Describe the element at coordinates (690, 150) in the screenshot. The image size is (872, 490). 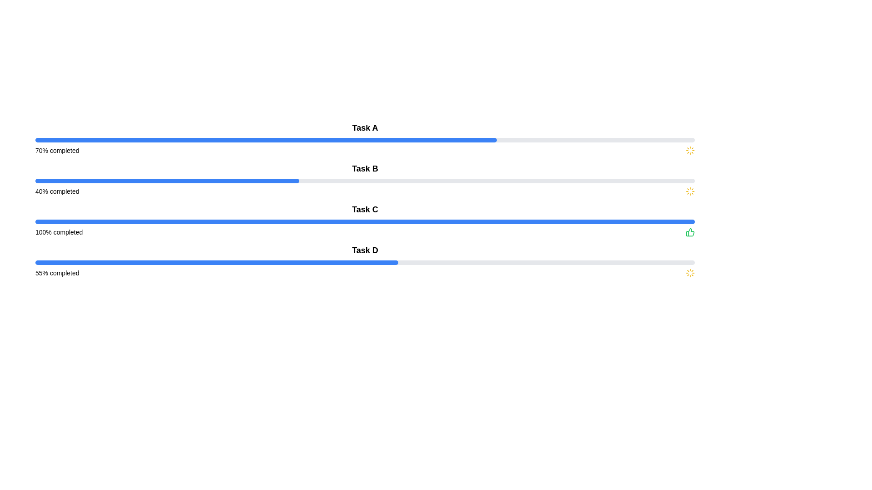
I see `the progress indicator icon located at the top-right section of the '70% completed' progress bar group` at that location.